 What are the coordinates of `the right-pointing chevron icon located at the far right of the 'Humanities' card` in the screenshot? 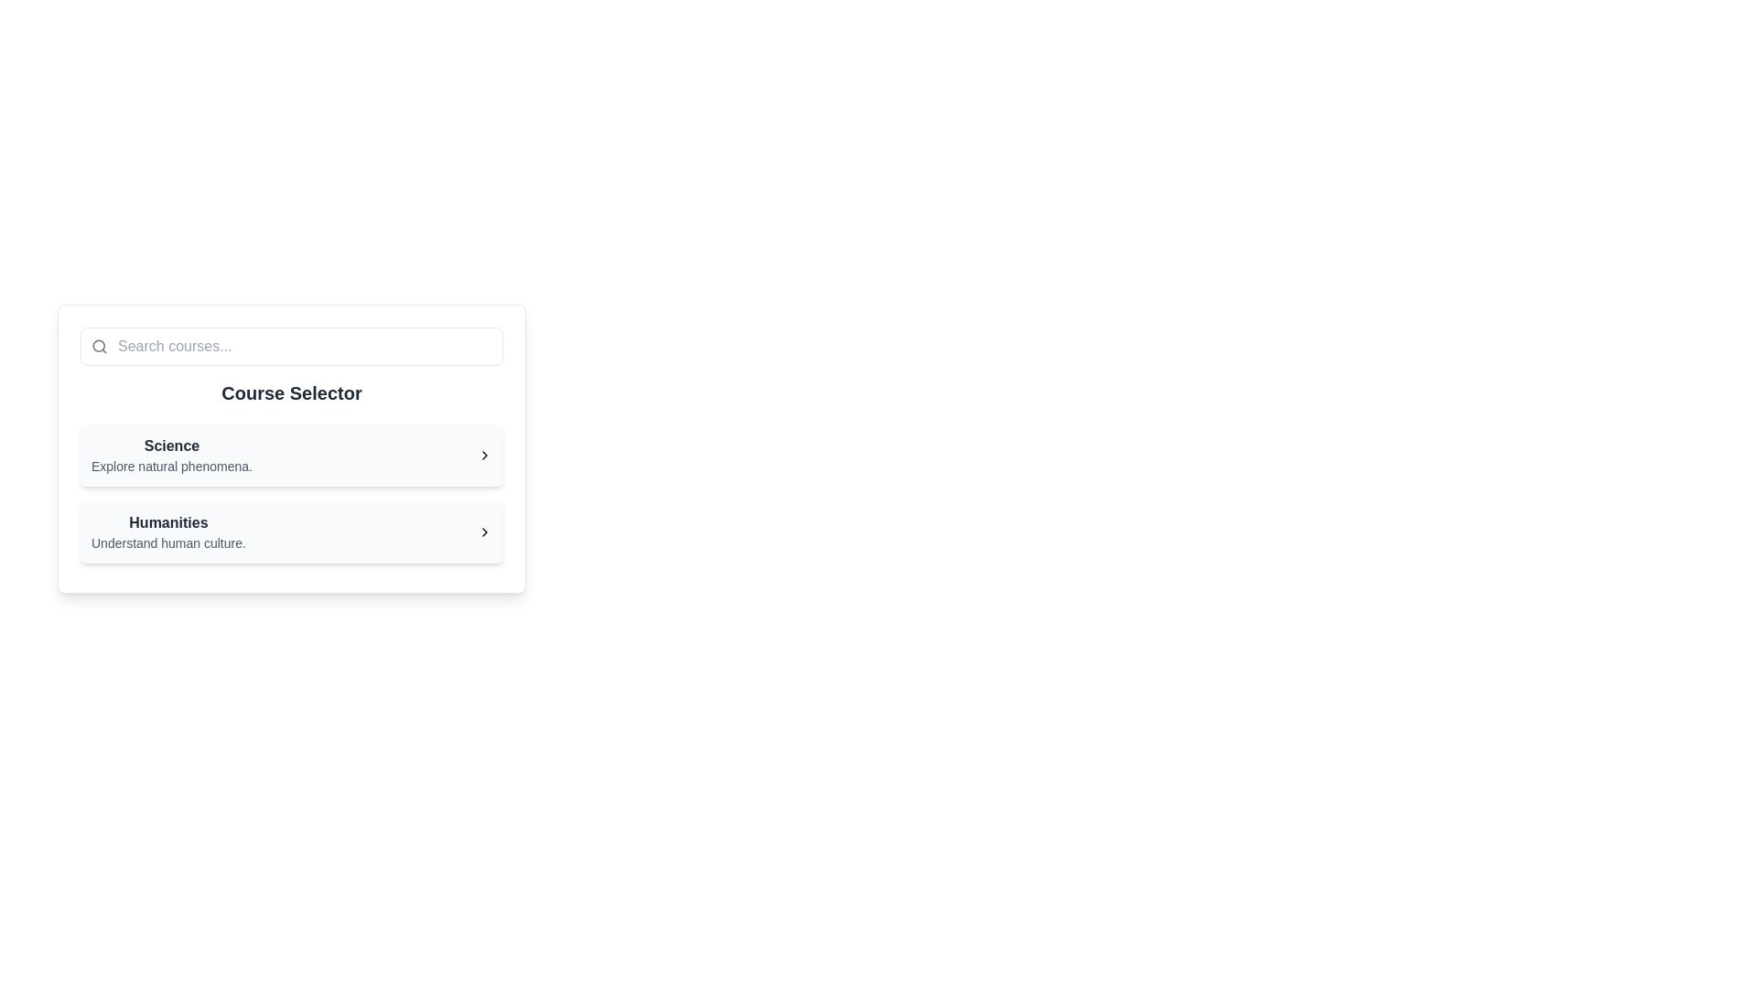 It's located at (484, 532).